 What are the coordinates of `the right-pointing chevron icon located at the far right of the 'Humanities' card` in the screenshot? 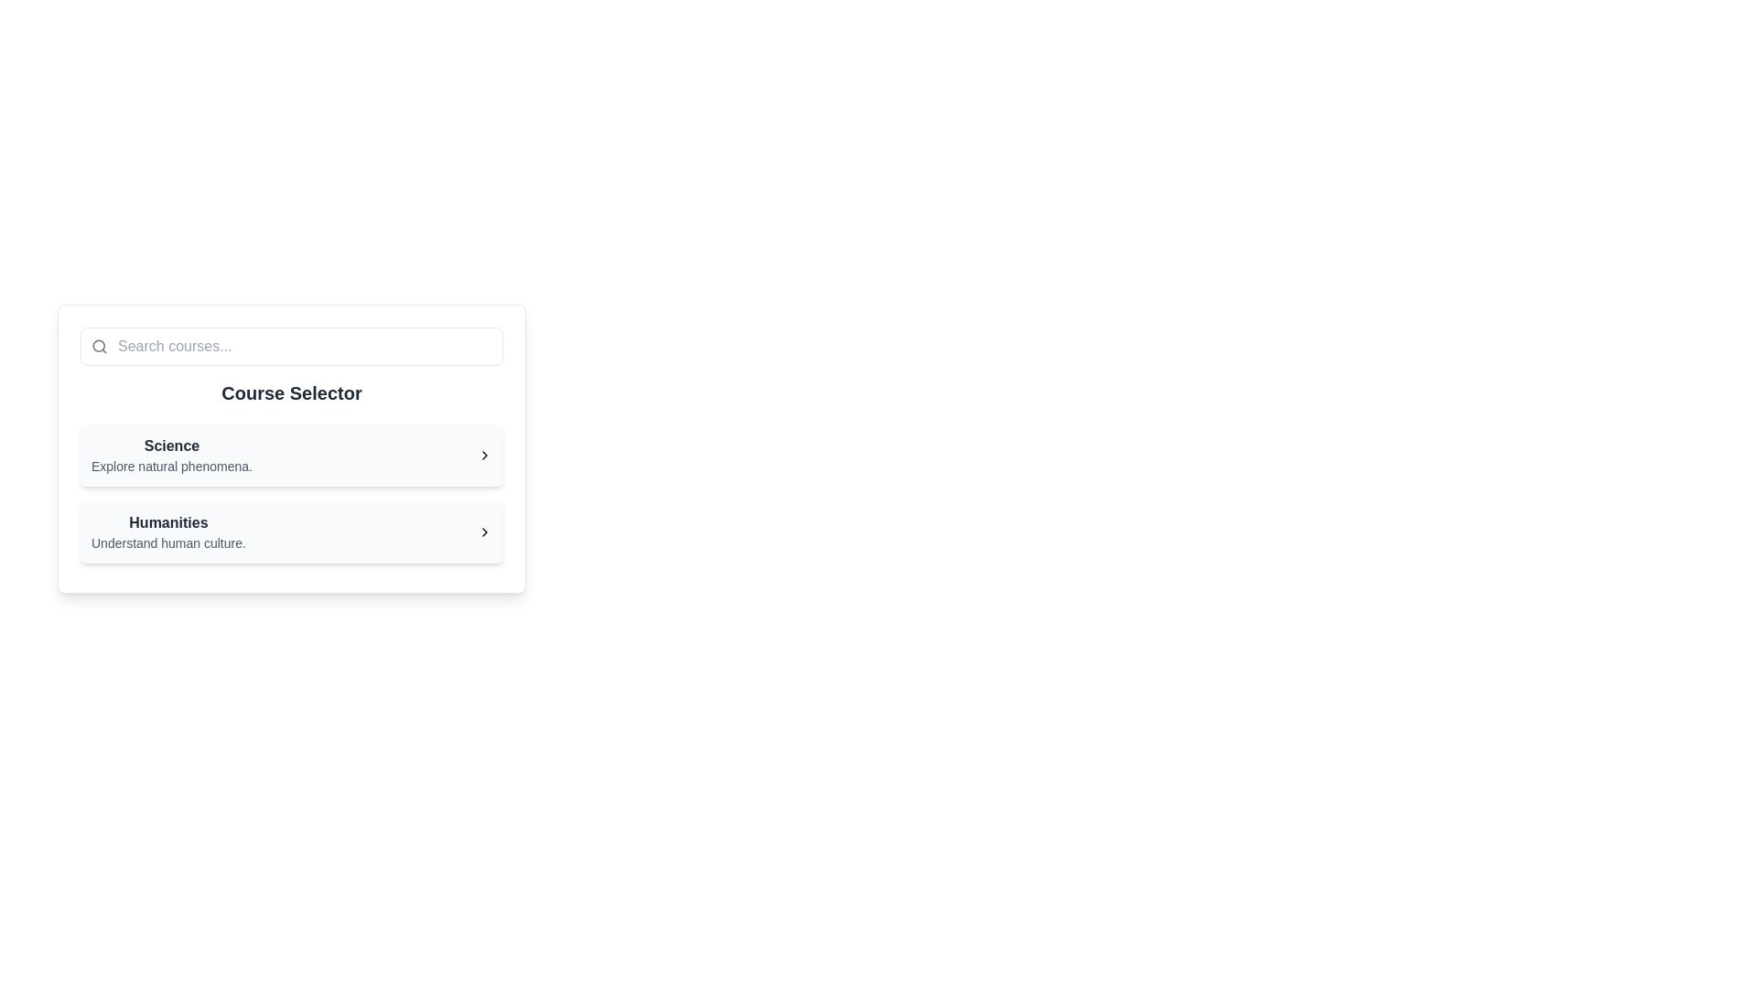 It's located at (484, 532).